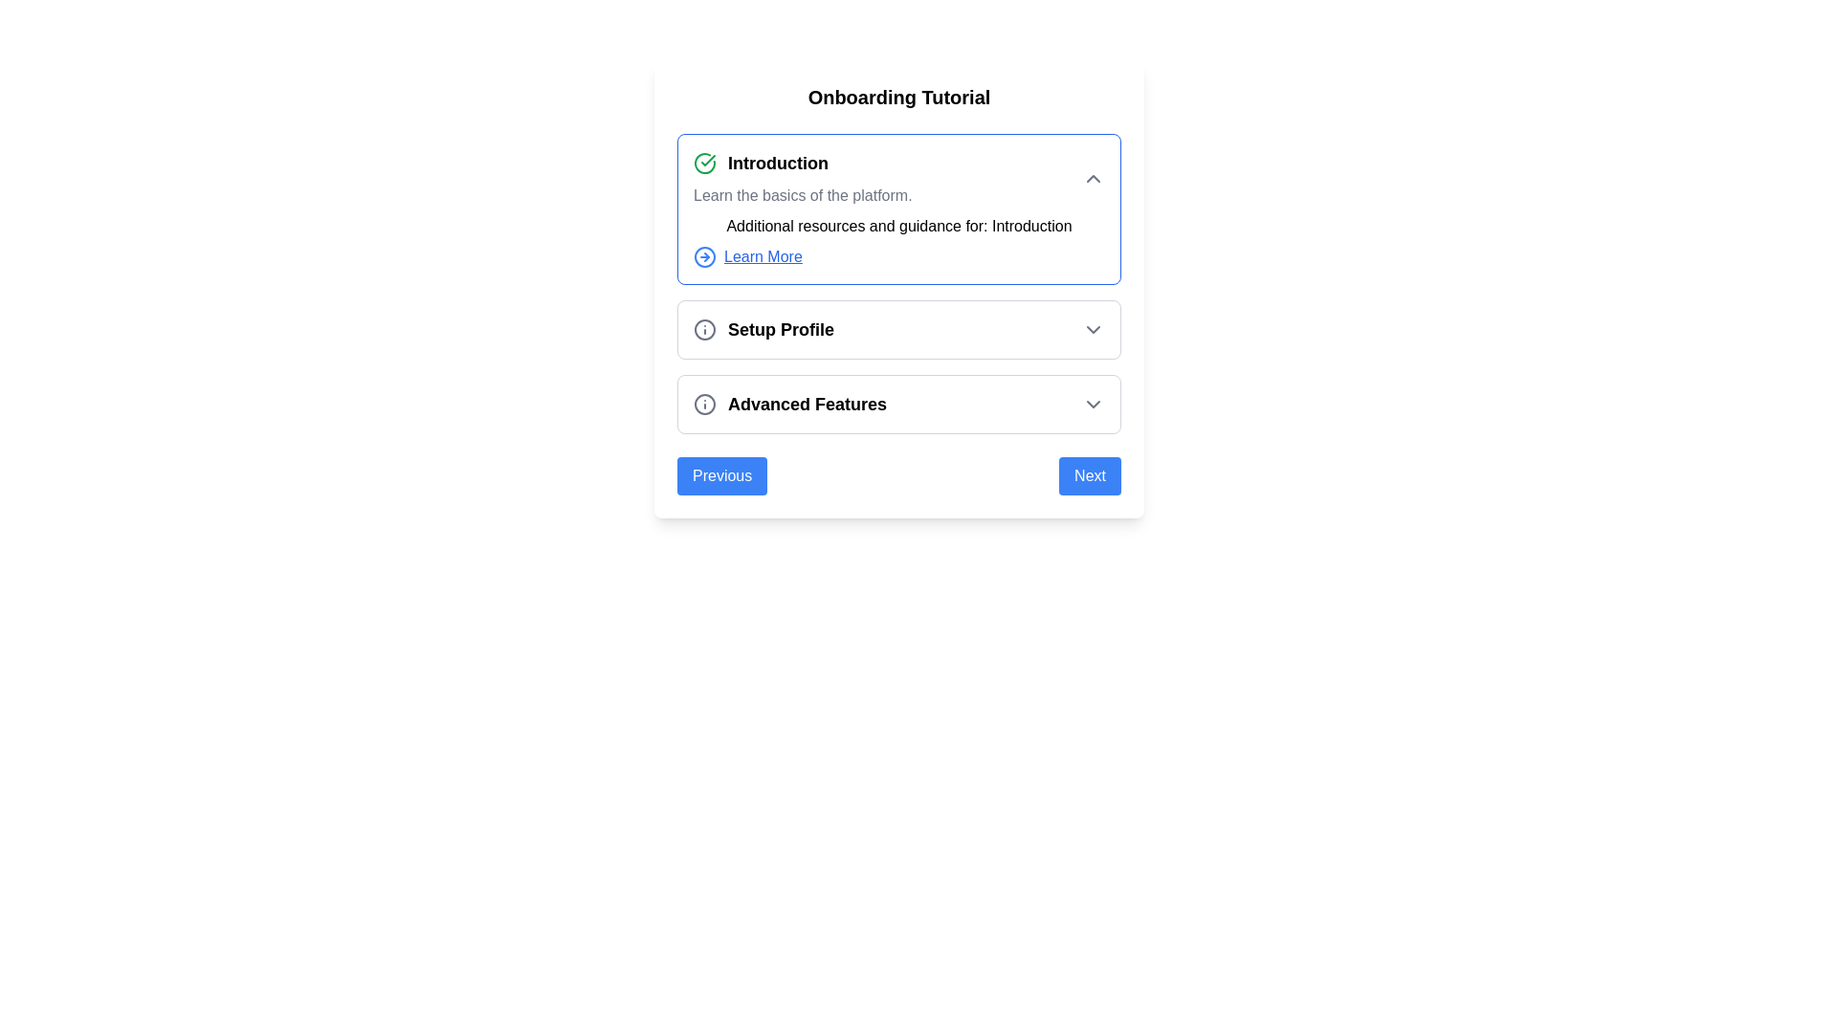 The height and width of the screenshot is (1033, 1837). What do you see at coordinates (704, 404) in the screenshot?
I see `the informational icon located to the left of the 'Advanced Features' label in the third section of the onboarding tutorial` at bounding box center [704, 404].